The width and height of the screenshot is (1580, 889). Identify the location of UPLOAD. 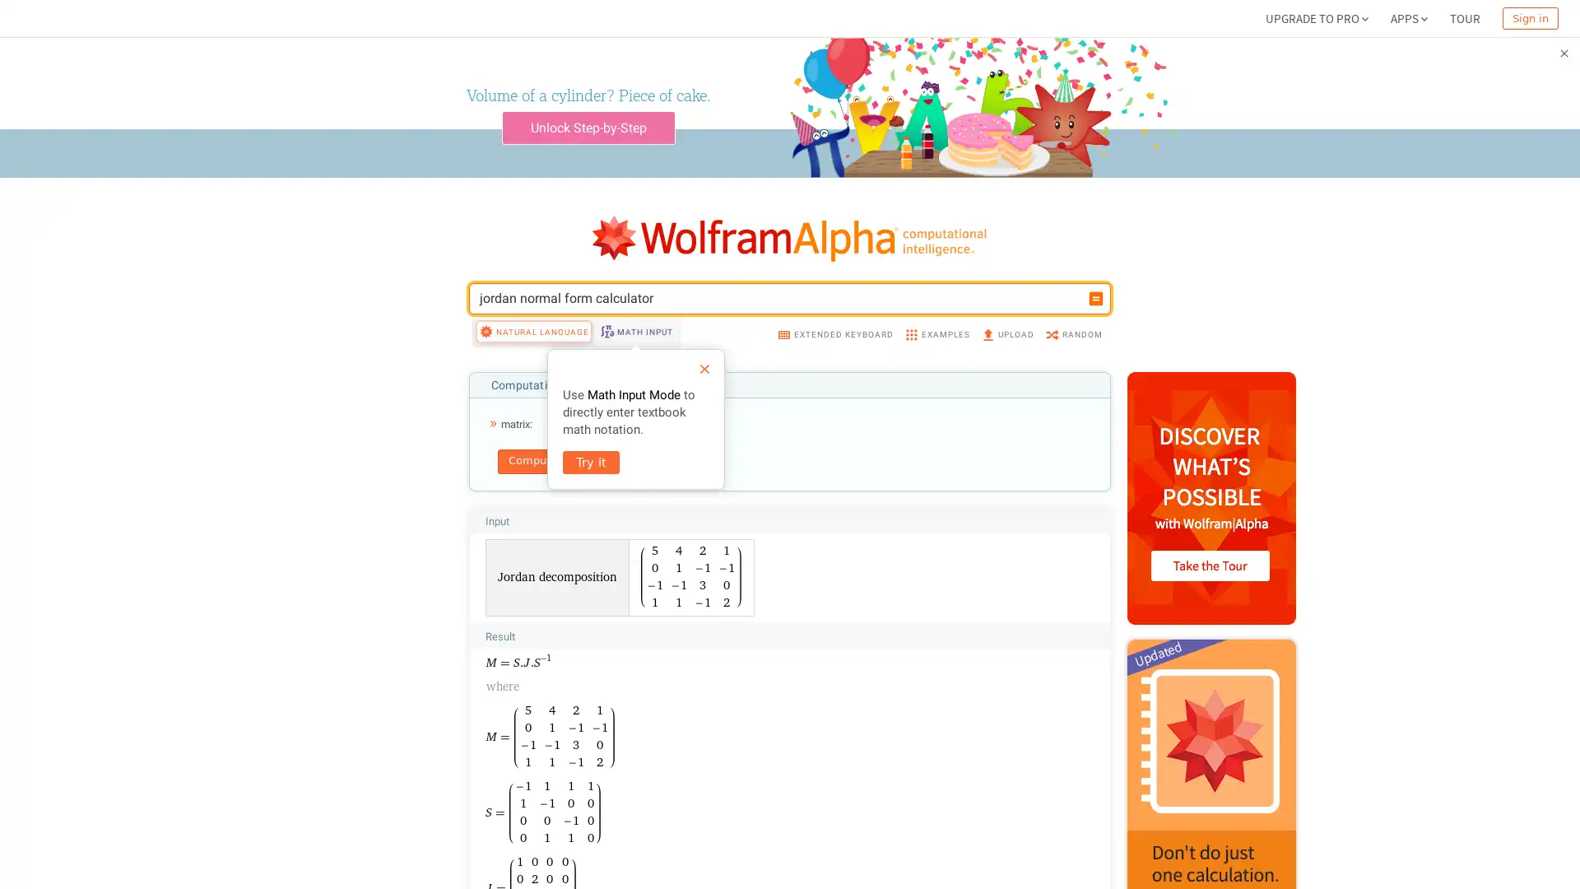
(1006, 333).